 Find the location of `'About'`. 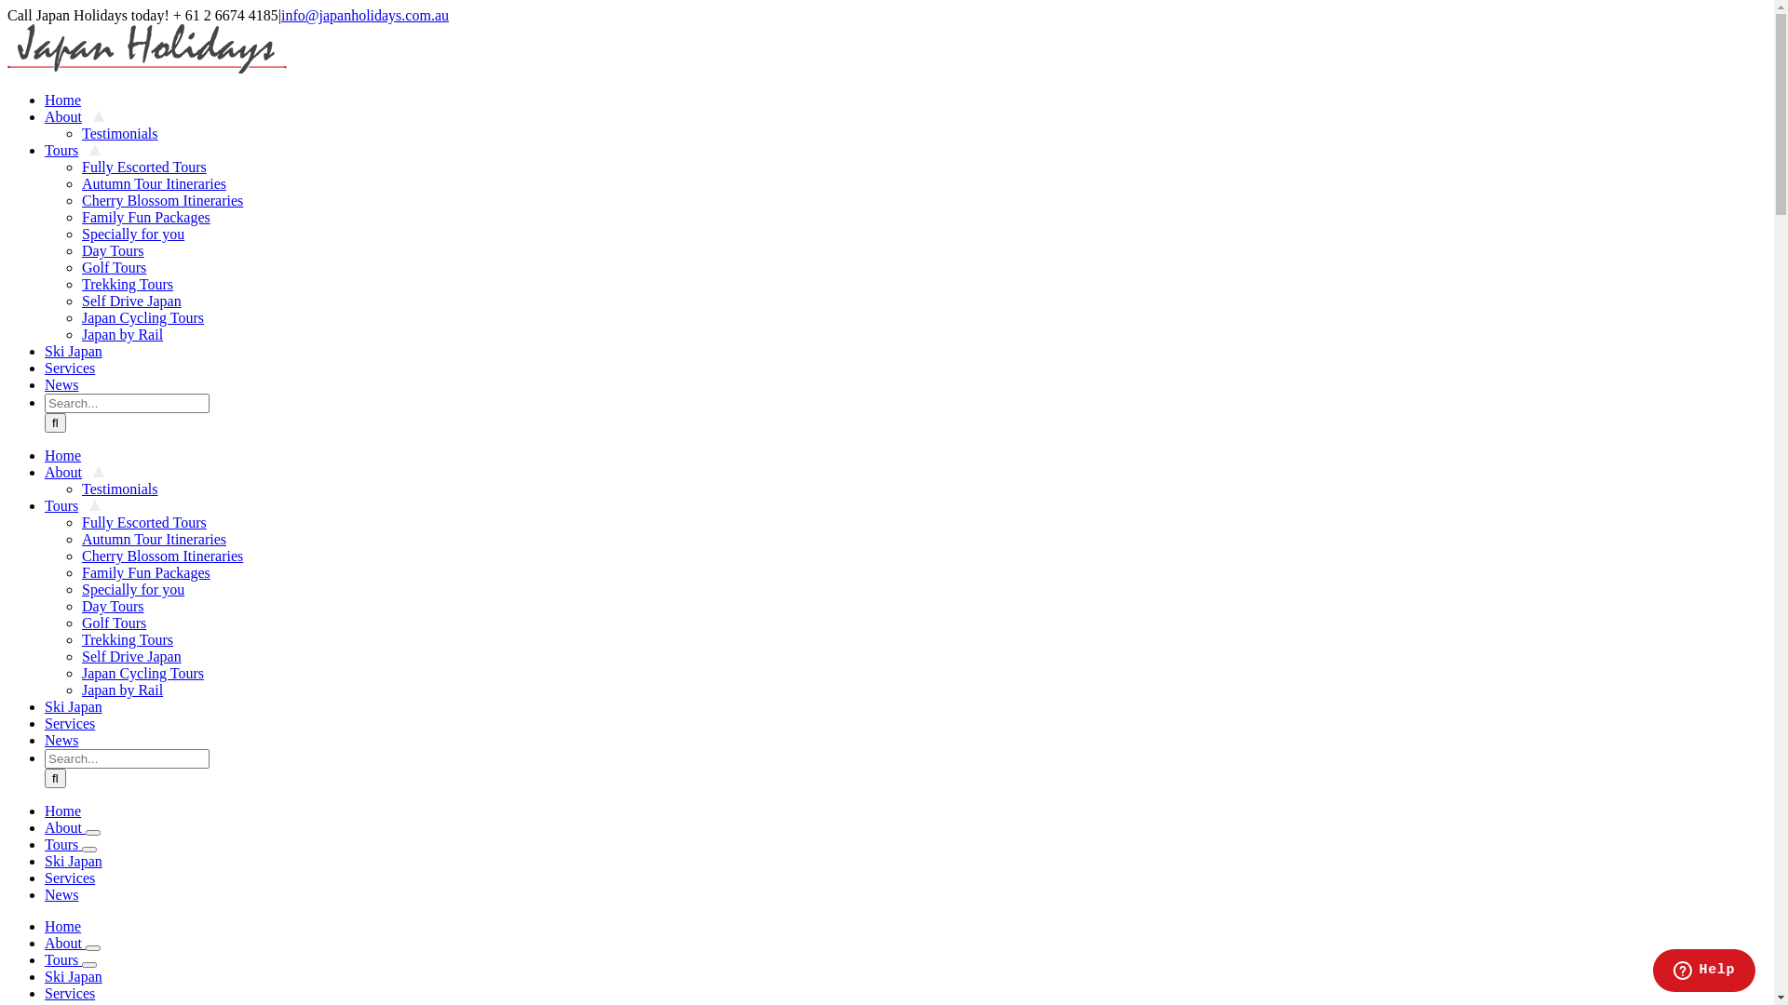

'About' is located at coordinates (65, 826).